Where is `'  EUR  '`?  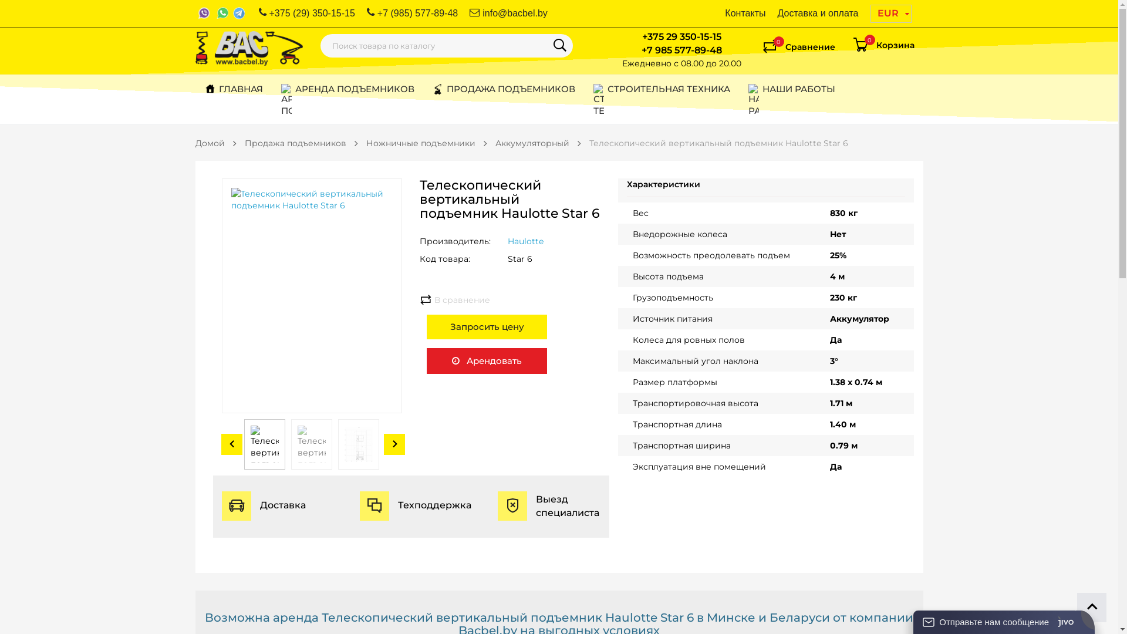 '  EUR  ' is located at coordinates (890, 14).